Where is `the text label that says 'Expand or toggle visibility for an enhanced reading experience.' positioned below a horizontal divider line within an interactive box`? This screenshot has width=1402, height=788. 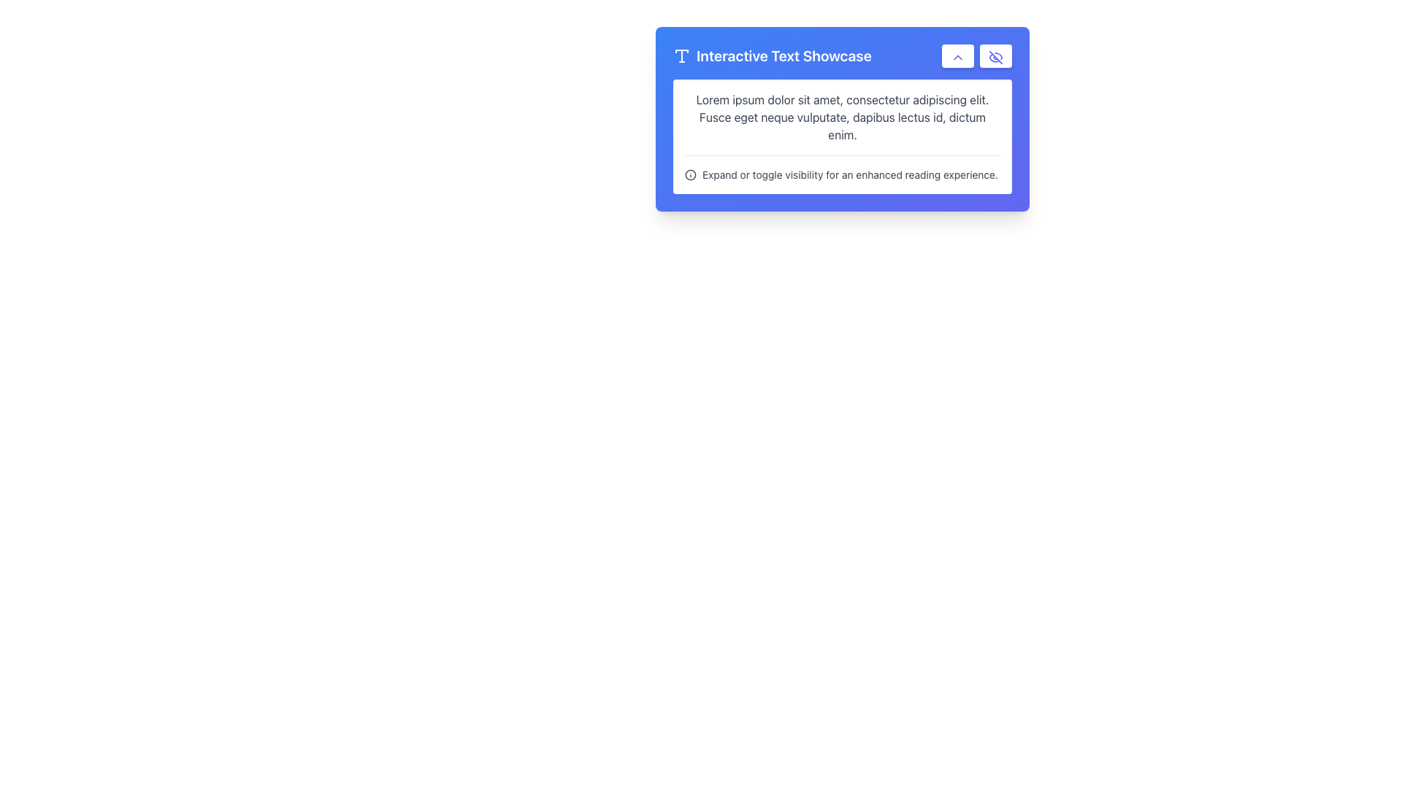
the text label that says 'Expand or toggle visibility for an enhanced reading experience.' positioned below a horizontal divider line within an interactive box is located at coordinates (850, 174).